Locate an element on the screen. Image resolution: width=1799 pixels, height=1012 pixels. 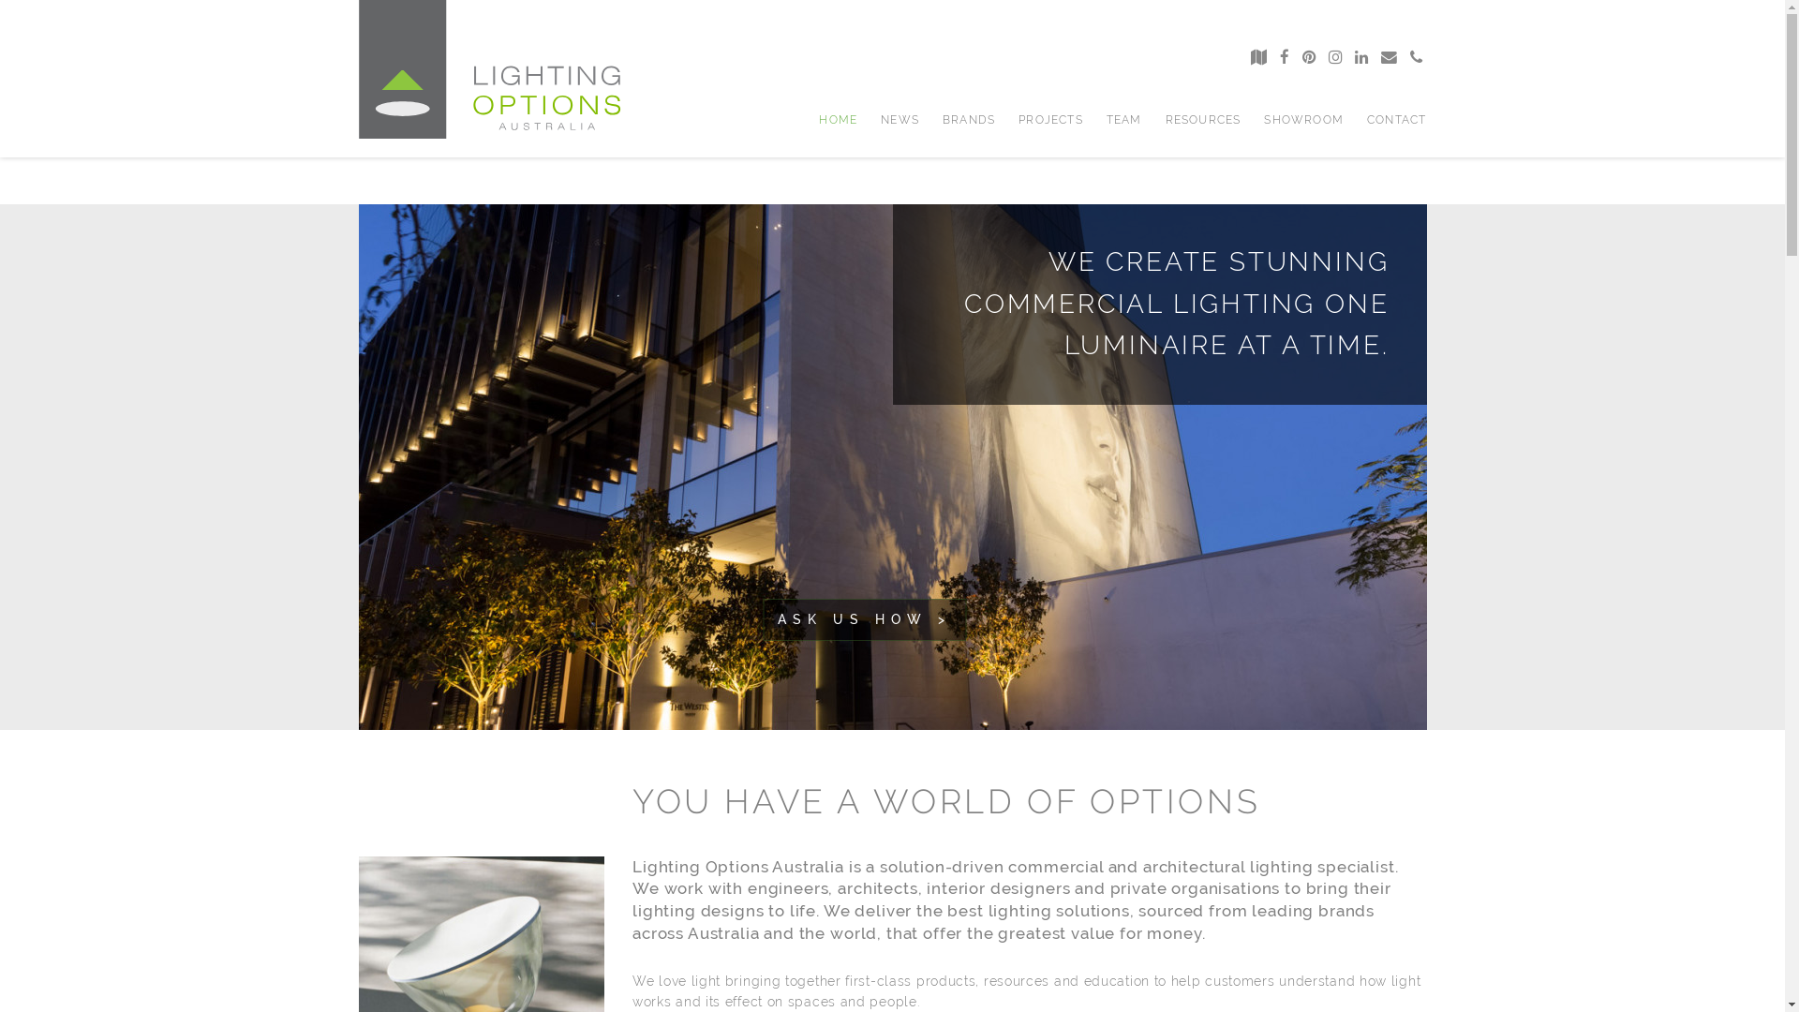
'ASK US HOW >' is located at coordinates (863, 618).